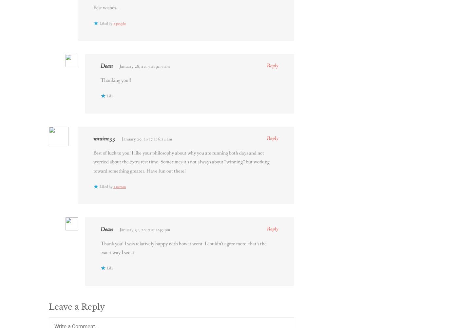 The width and height of the screenshot is (475, 328). What do you see at coordinates (119, 187) in the screenshot?
I see `'1 person'` at bounding box center [119, 187].